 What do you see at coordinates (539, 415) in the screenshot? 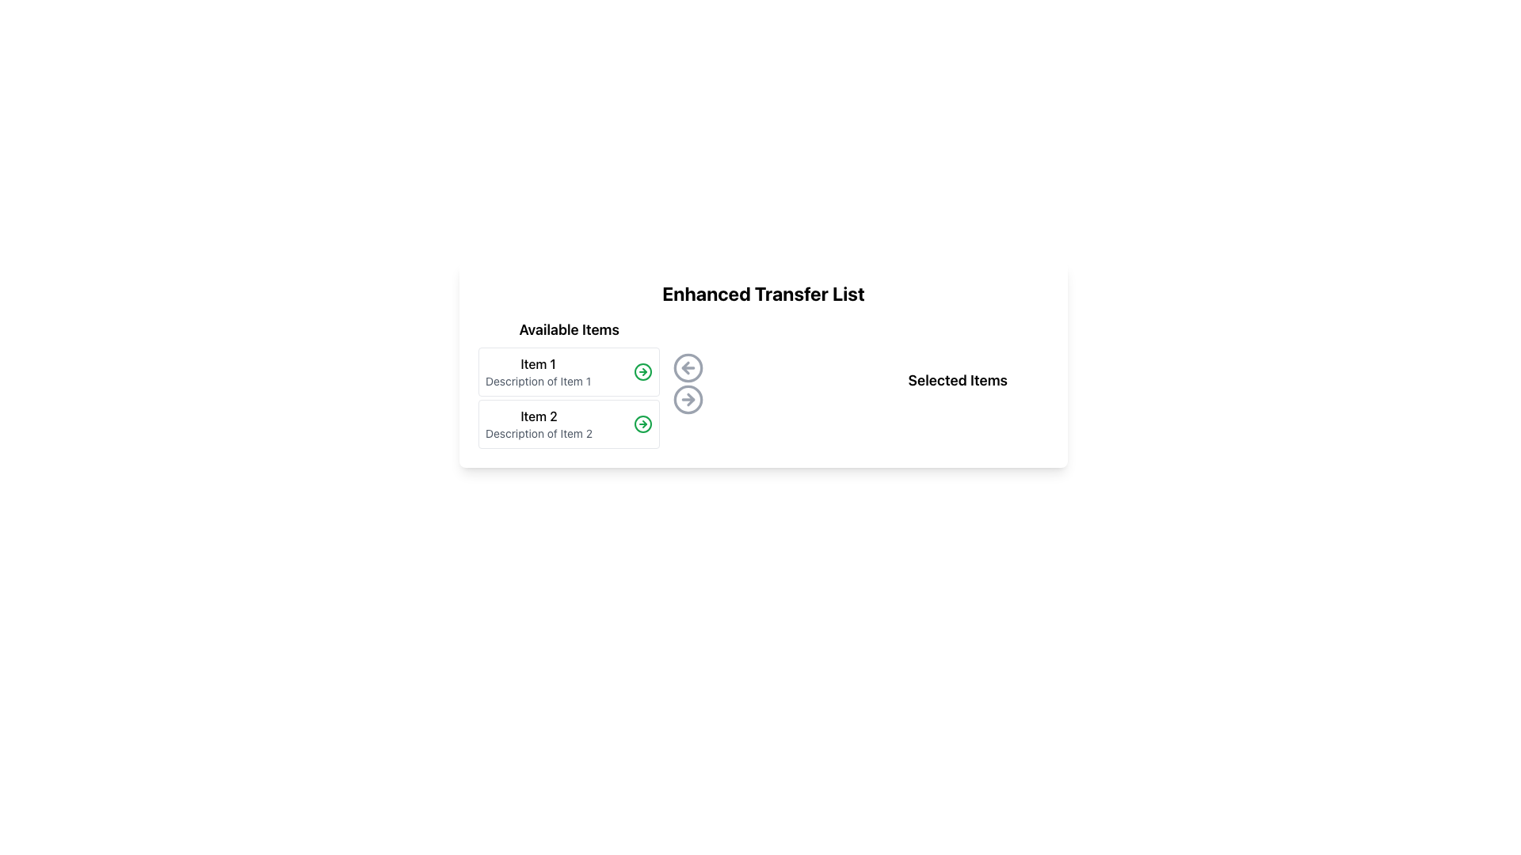
I see `the text label displaying 'Item 2', which is located in the second row under the 'Available Items' header` at bounding box center [539, 415].